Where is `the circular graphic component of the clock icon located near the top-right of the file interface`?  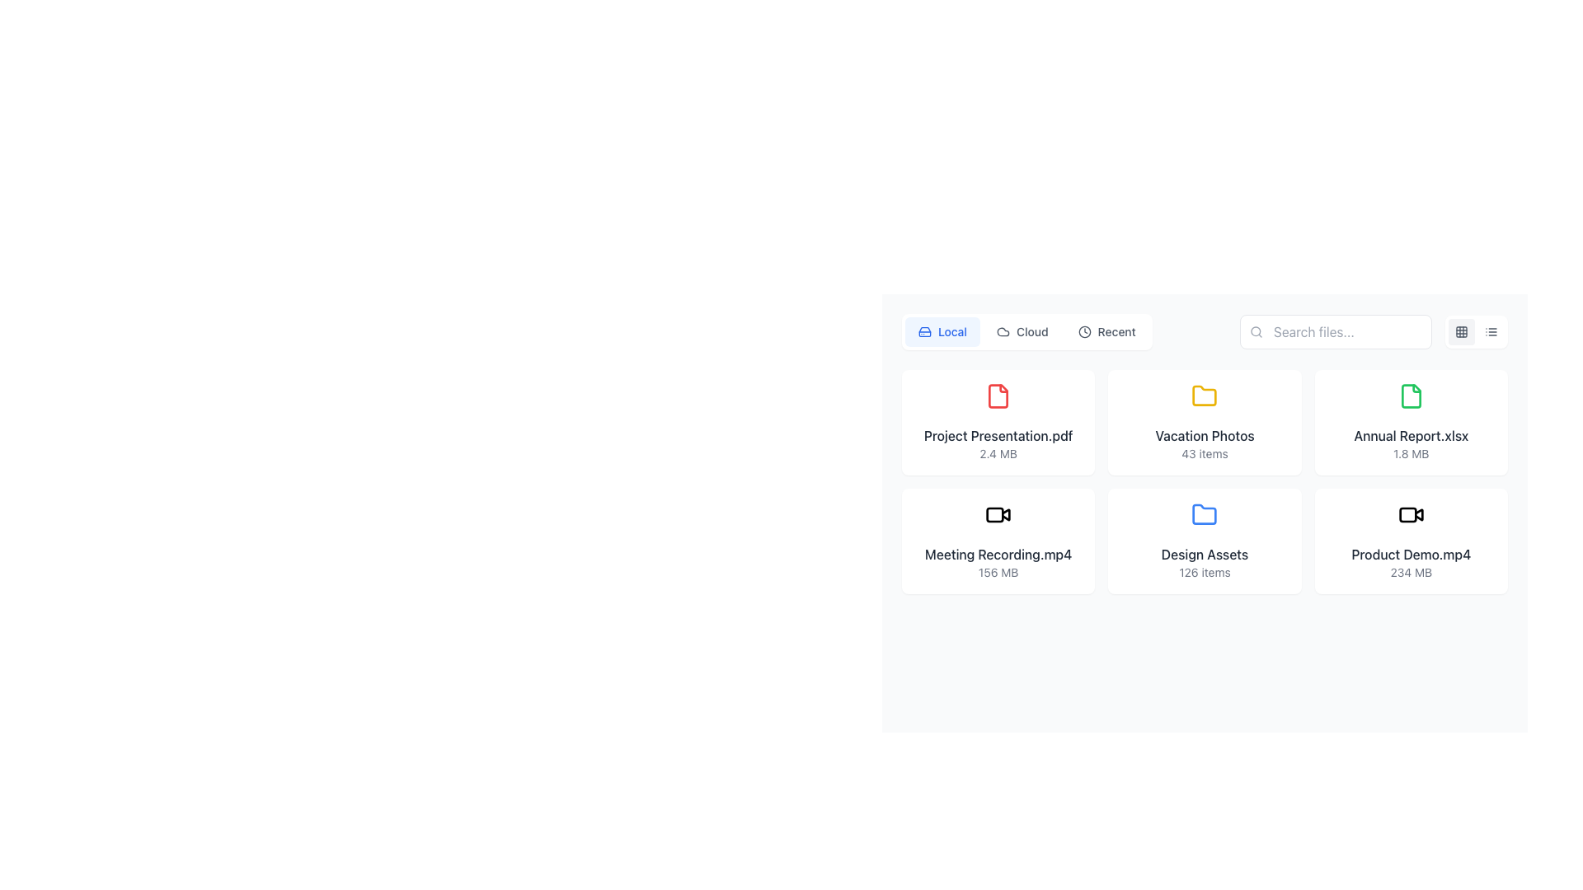
the circular graphic component of the clock icon located near the top-right of the file interface is located at coordinates (1084, 331).